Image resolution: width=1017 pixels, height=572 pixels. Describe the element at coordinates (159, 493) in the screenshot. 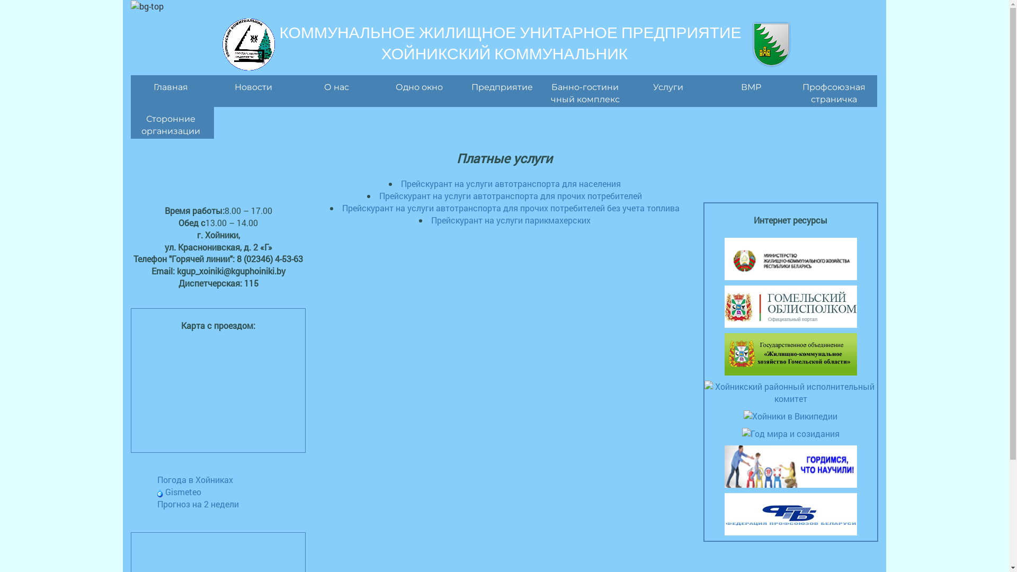

I see `'Gismeteo'` at that location.